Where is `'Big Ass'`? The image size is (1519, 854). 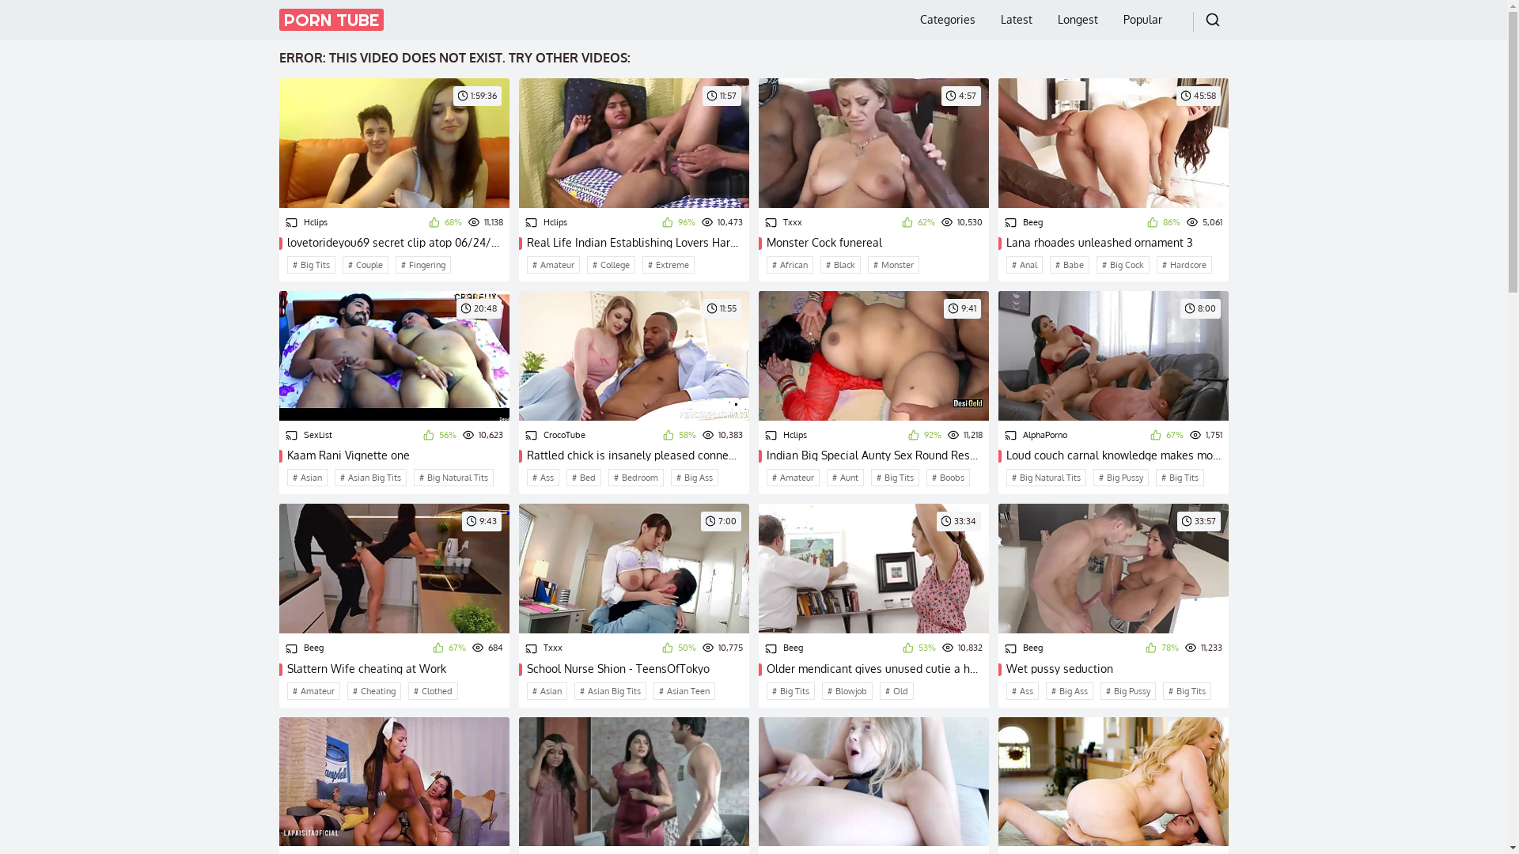
'Big Ass' is located at coordinates (695, 477).